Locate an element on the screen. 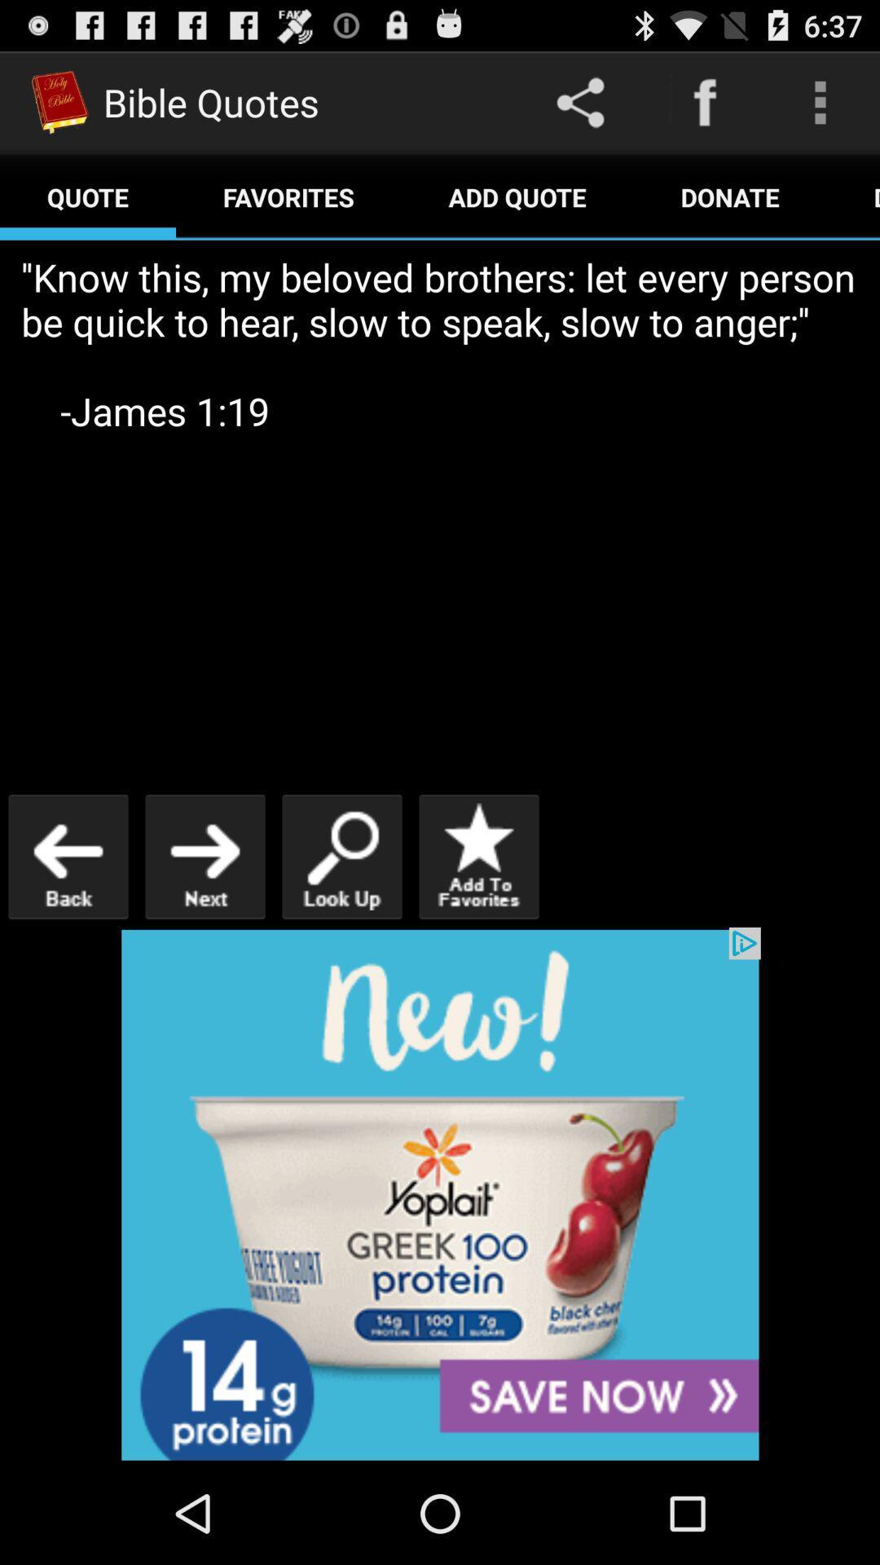 The height and width of the screenshot is (1565, 880). the arrow_forward icon is located at coordinates (204, 916).